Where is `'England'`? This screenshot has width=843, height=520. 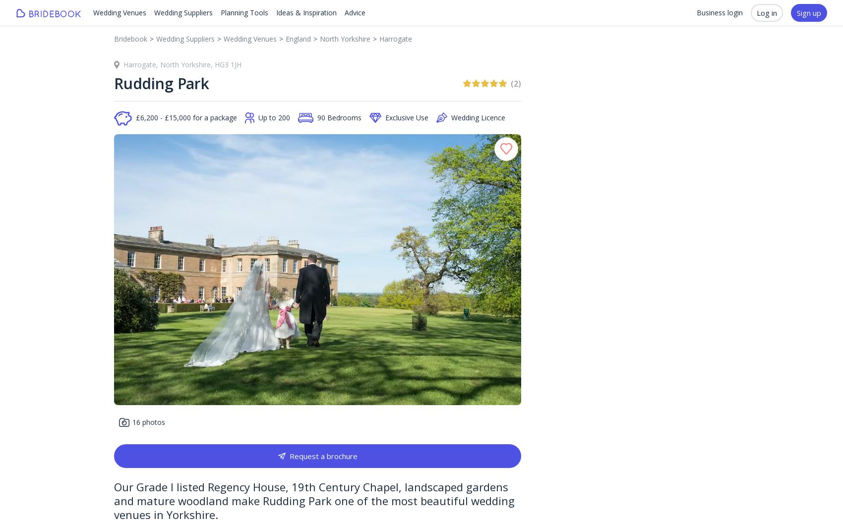
'England' is located at coordinates (298, 39).